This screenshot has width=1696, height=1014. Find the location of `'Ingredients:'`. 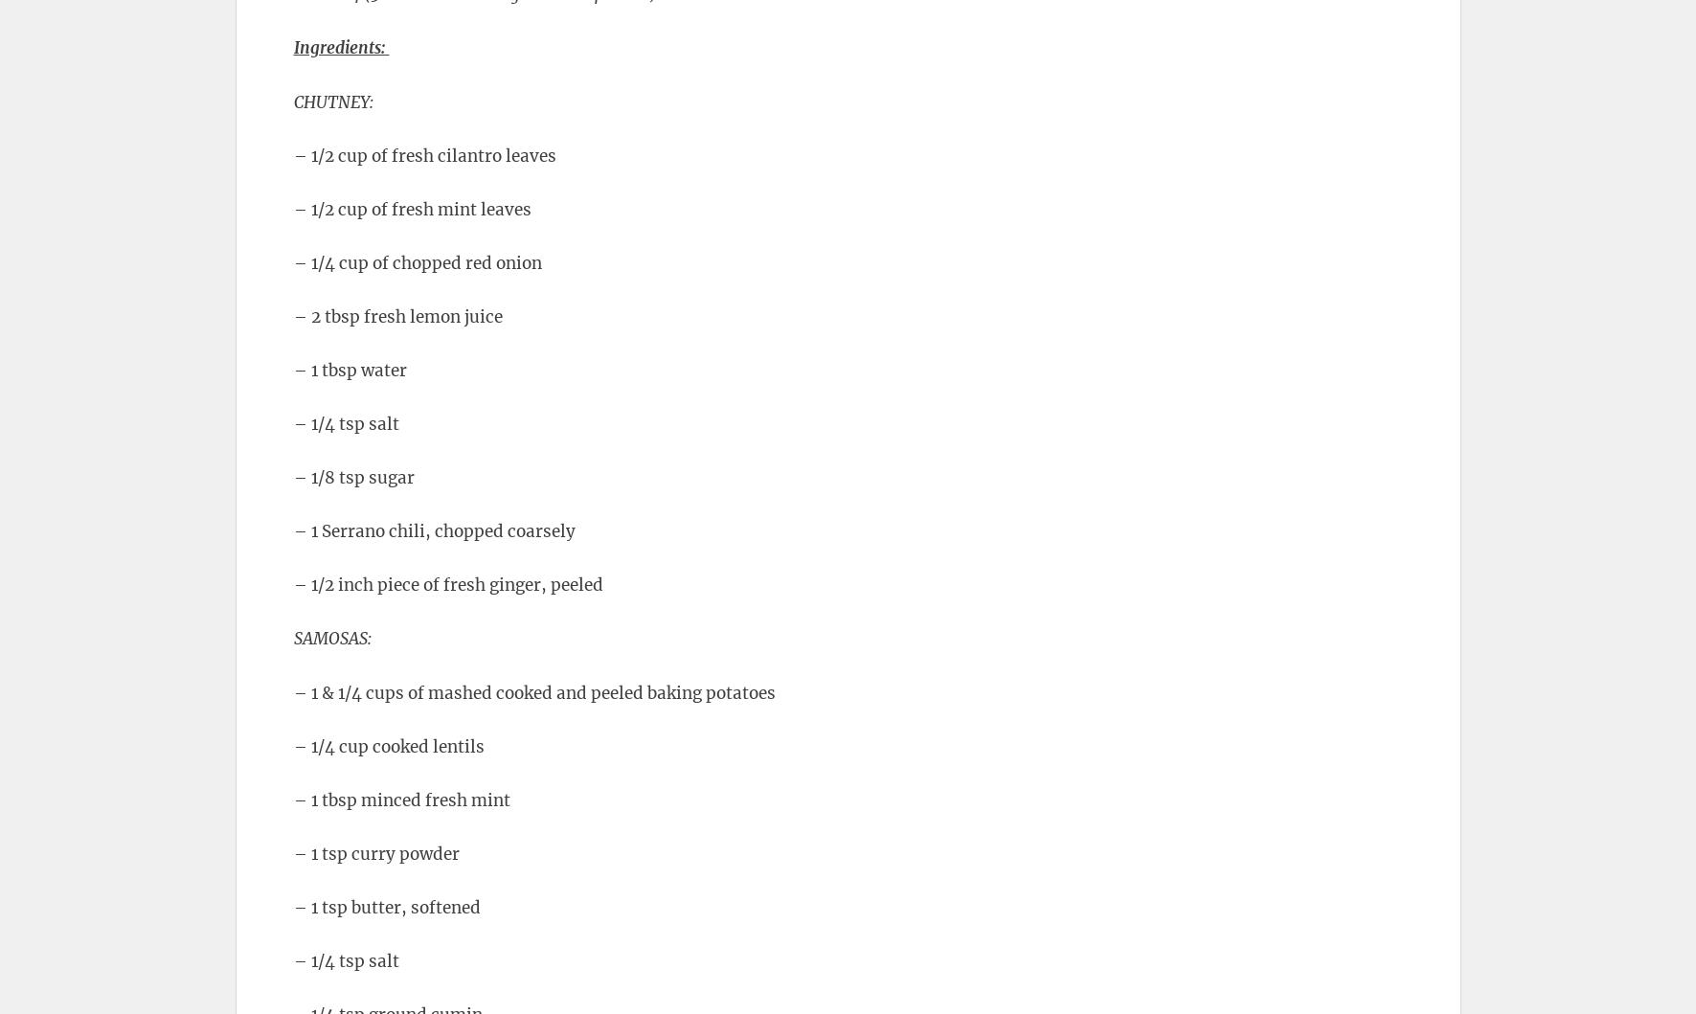

'Ingredients:' is located at coordinates (339, 47).